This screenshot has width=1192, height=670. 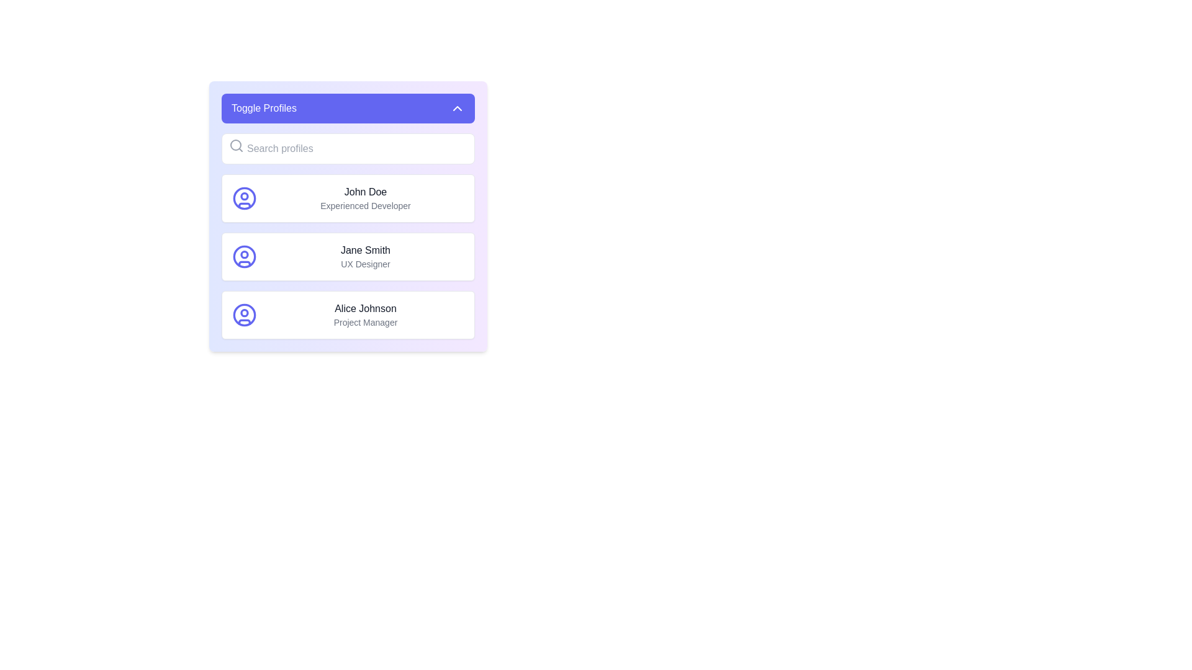 What do you see at coordinates (348, 256) in the screenshot?
I see `the Profile card for Jane Smith, which summarizes her role as a UX Designer and is the second card in a vertical list of three cards` at bounding box center [348, 256].